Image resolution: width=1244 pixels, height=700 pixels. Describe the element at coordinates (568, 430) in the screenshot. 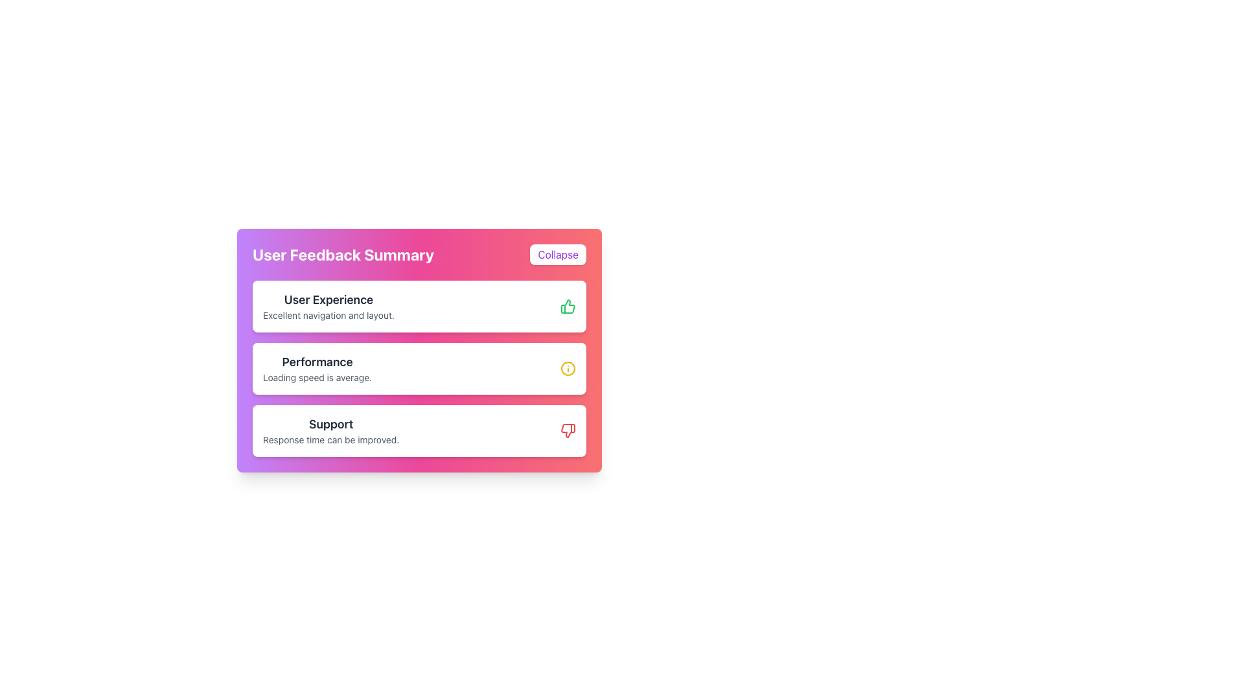

I see `the negative feedback icon located on the right side of the 'Support' feedback section, which indicates dissatisfaction with the feedback item labeled 'Support'` at that location.